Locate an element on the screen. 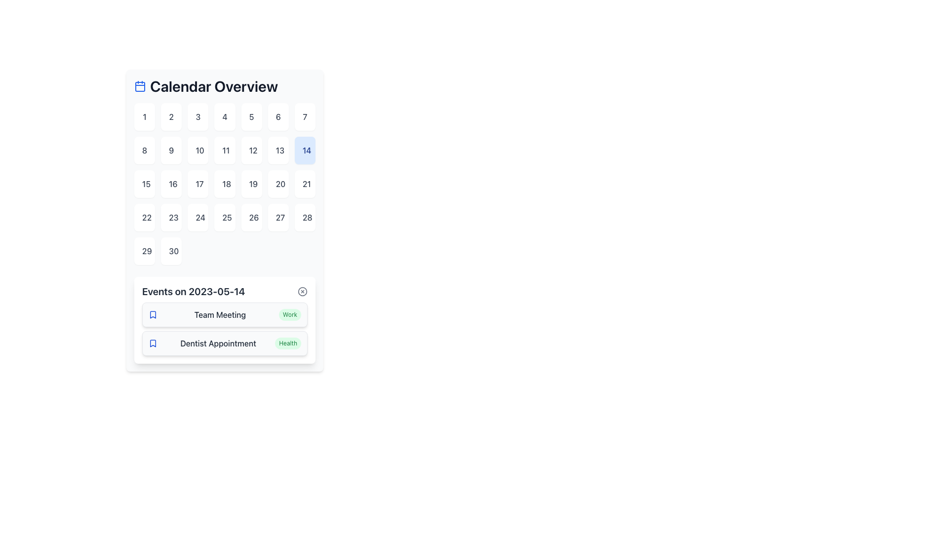 Image resolution: width=948 pixels, height=533 pixels. the button representing the 10th day in the calendar view is located at coordinates (197, 150).